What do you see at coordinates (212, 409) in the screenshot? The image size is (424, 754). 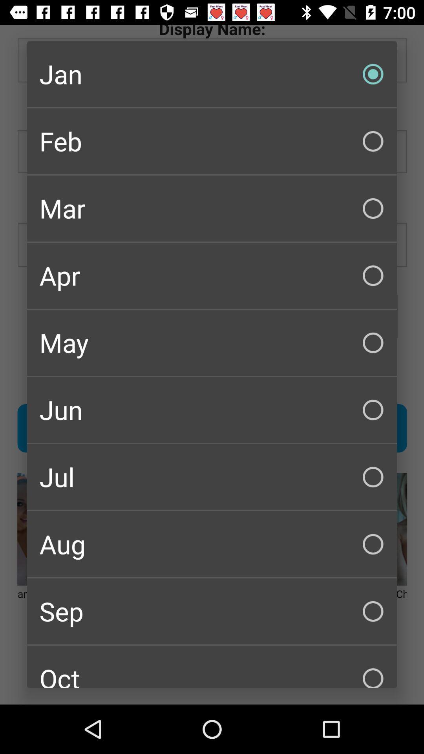 I see `jun` at bounding box center [212, 409].